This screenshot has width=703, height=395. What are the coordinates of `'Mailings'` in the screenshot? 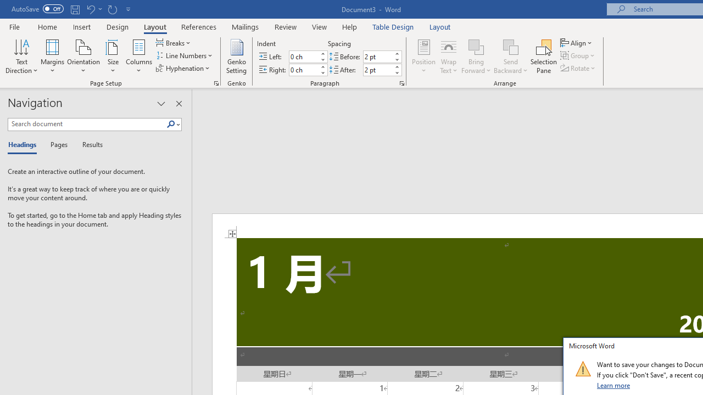 It's located at (245, 26).